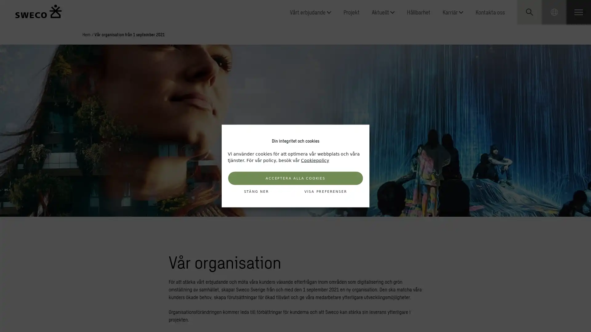  I want to click on Submit search, so click(541, 68).